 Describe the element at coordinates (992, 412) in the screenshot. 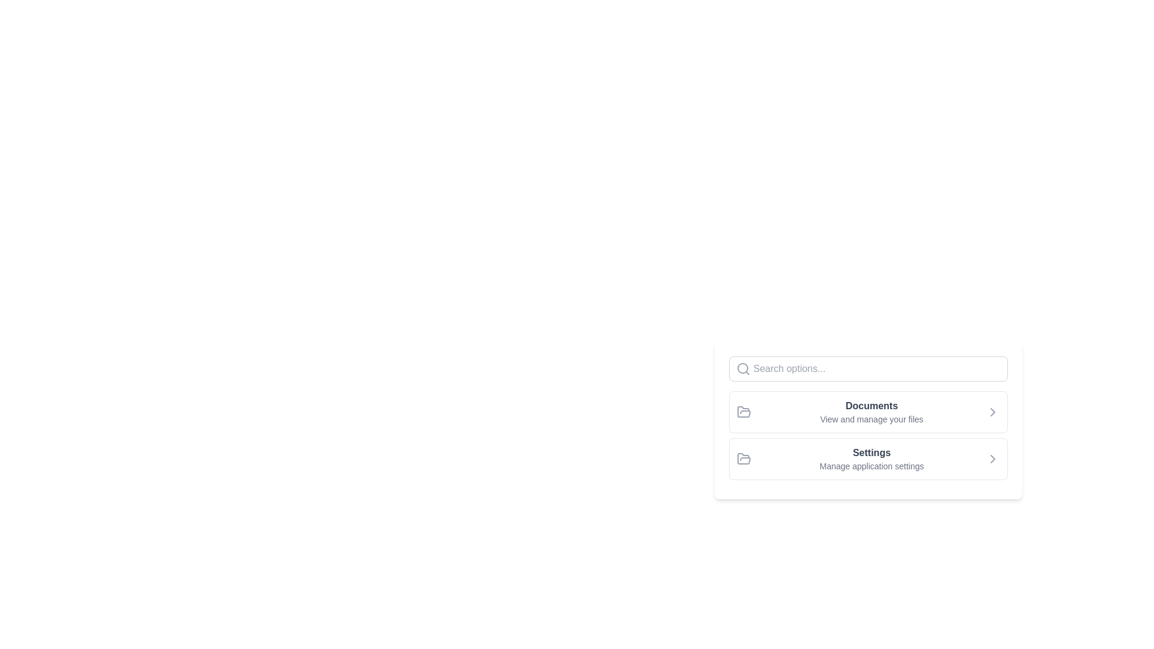

I see `the SVG chevron arrow icon pointing to the right, located next to the 'Documents' text label in the vertical list layout` at that location.